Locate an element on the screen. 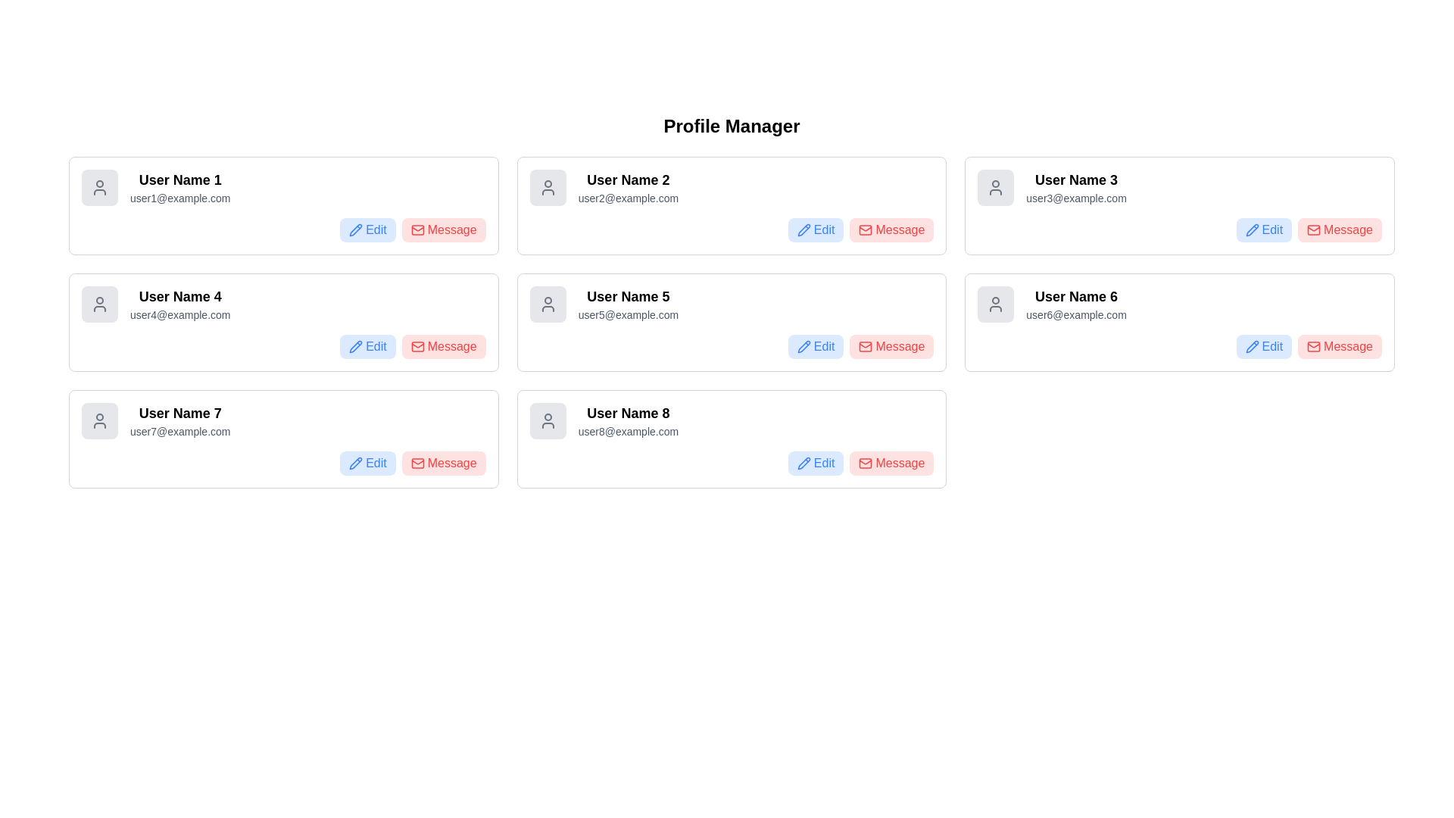  the rounded light blue 'Edit' button with a pencil icon and blue text, located within the profile card of 'User Name 3' is located at coordinates (1264, 230).